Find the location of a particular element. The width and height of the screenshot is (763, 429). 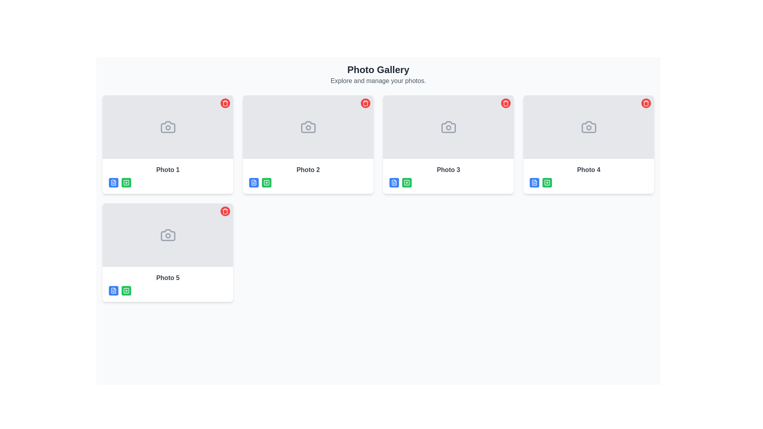

the document icon with a folded corner located is located at coordinates (253, 182).